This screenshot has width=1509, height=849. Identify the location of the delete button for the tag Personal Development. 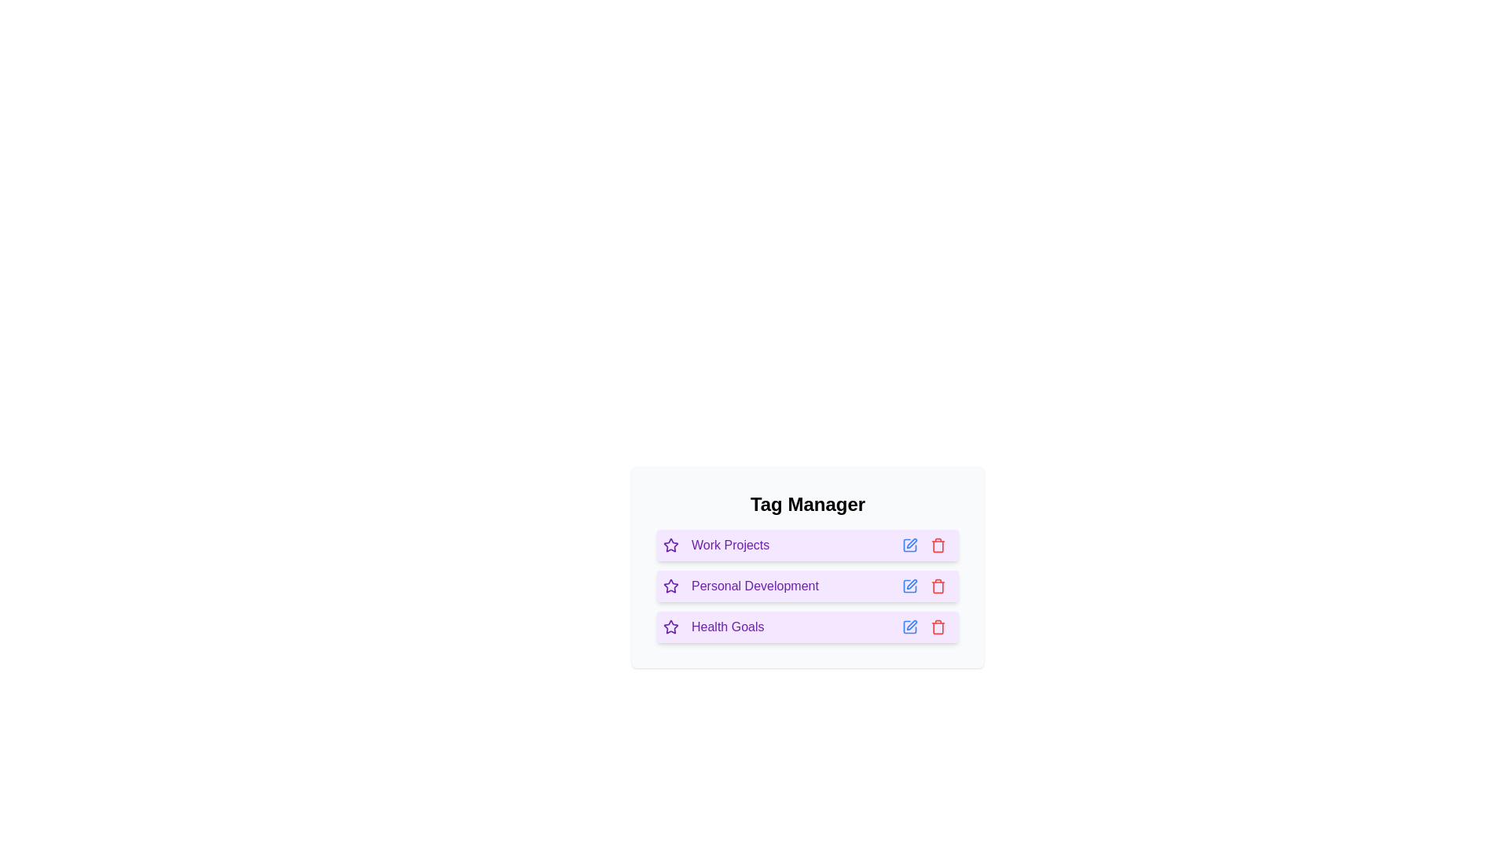
(938, 586).